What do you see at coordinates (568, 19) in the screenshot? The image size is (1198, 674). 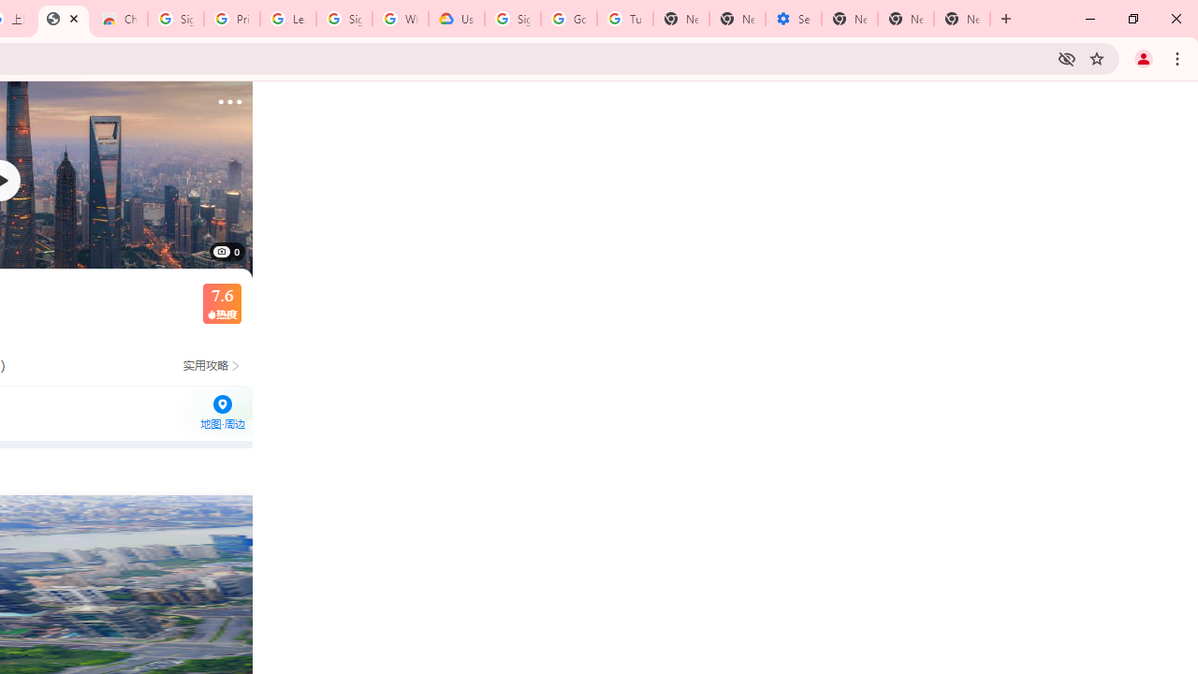 I see `'Google Account Help'` at bounding box center [568, 19].